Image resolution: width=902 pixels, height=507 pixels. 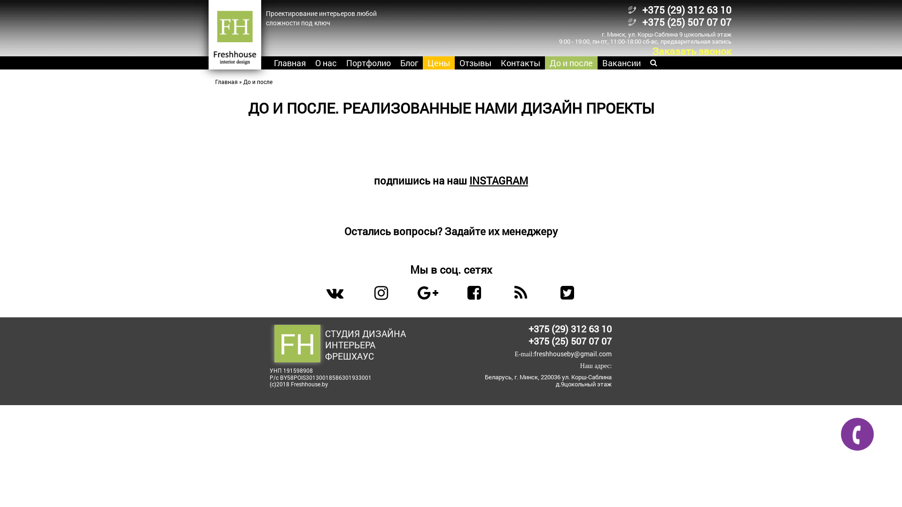 I want to click on 'freshhouseby@gmail.com', so click(x=572, y=353).